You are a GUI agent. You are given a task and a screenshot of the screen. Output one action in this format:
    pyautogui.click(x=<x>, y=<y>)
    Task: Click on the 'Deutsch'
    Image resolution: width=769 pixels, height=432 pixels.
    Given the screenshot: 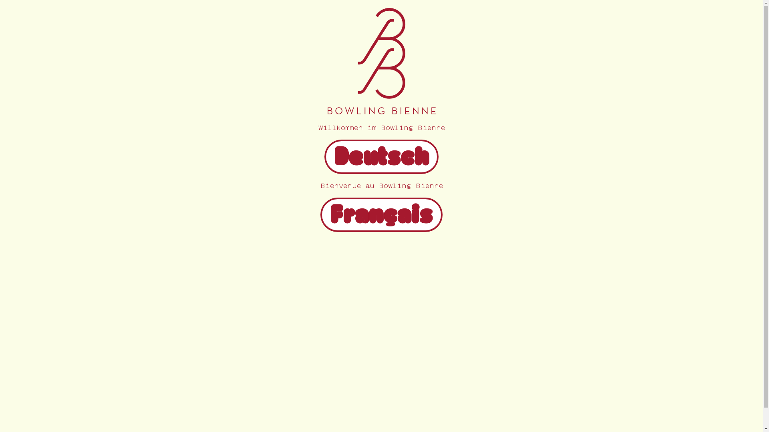 What is the action you would take?
    pyautogui.click(x=381, y=162)
    